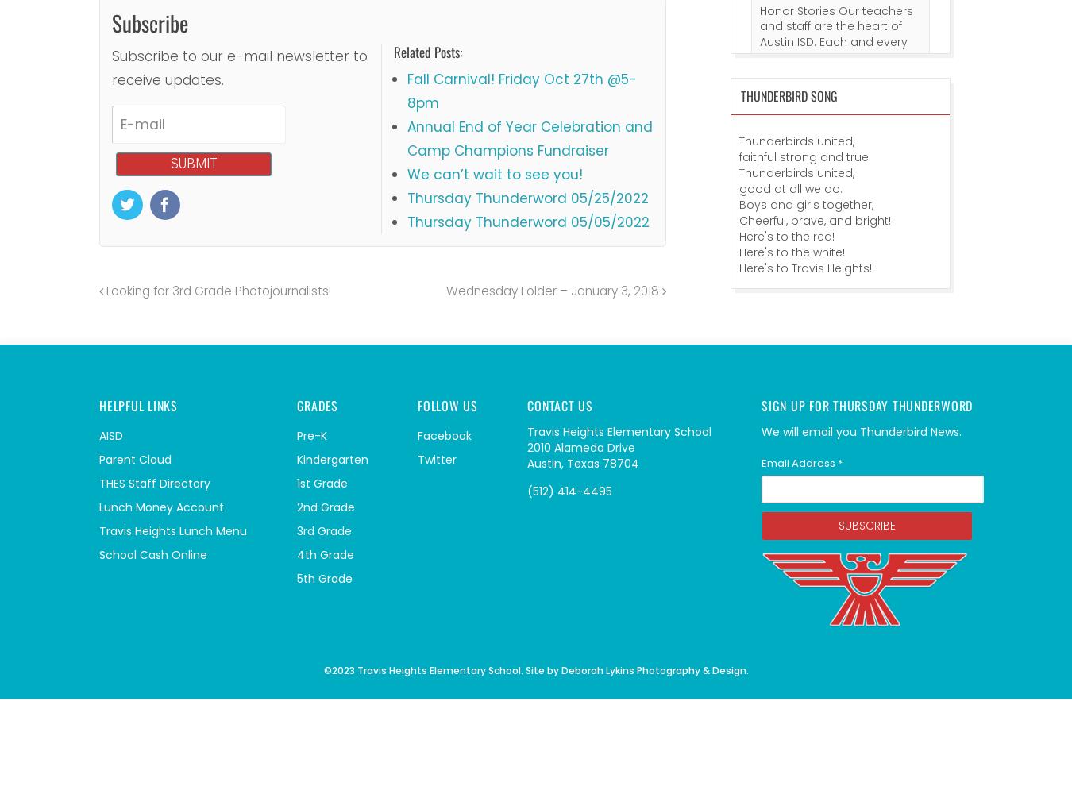  Describe the element at coordinates (839, 461) in the screenshot. I see `'*'` at that location.